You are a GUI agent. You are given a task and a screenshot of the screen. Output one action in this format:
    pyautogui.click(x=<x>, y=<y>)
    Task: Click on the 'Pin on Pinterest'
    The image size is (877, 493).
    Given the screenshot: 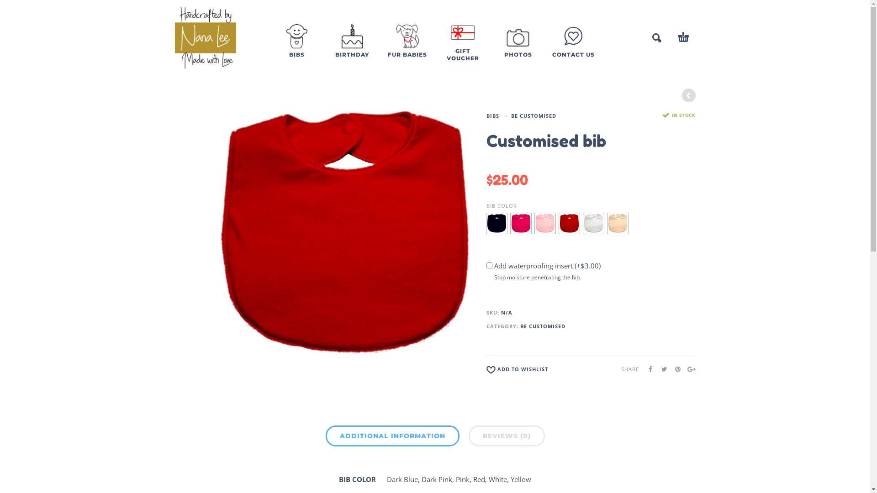 What is the action you would take?
    pyautogui.click(x=675, y=368)
    